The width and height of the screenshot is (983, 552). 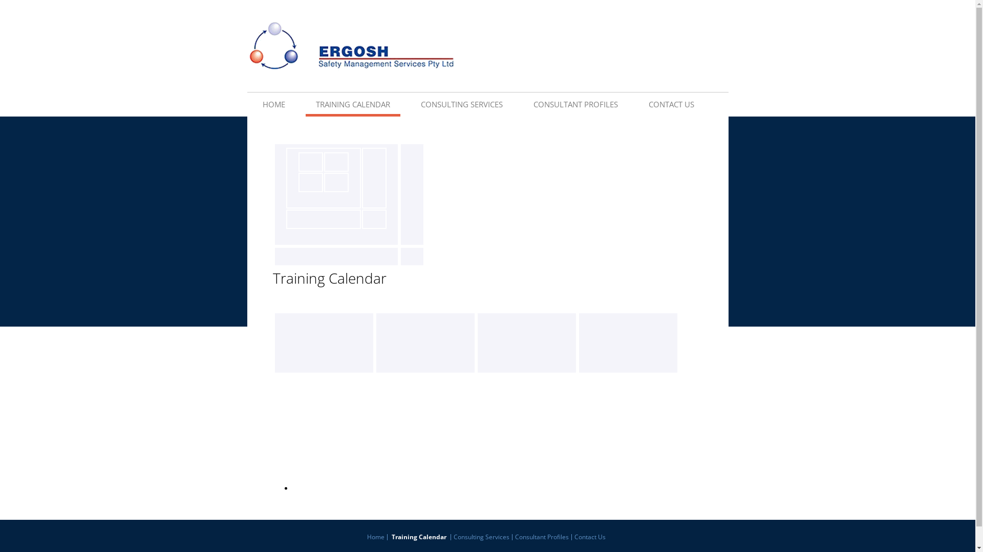 What do you see at coordinates (590, 536) in the screenshot?
I see `'Contact Us'` at bounding box center [590, 536].